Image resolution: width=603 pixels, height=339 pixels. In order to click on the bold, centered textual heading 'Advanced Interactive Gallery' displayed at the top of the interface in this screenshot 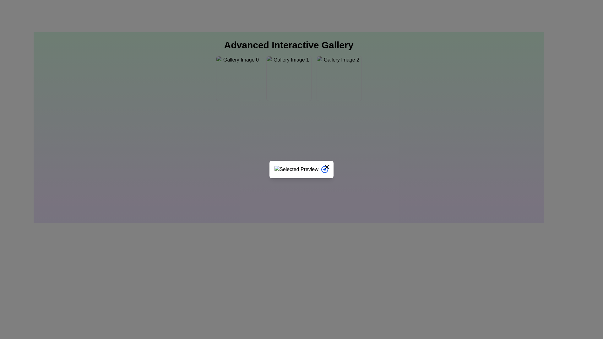, I will do `click(288, 45)`.